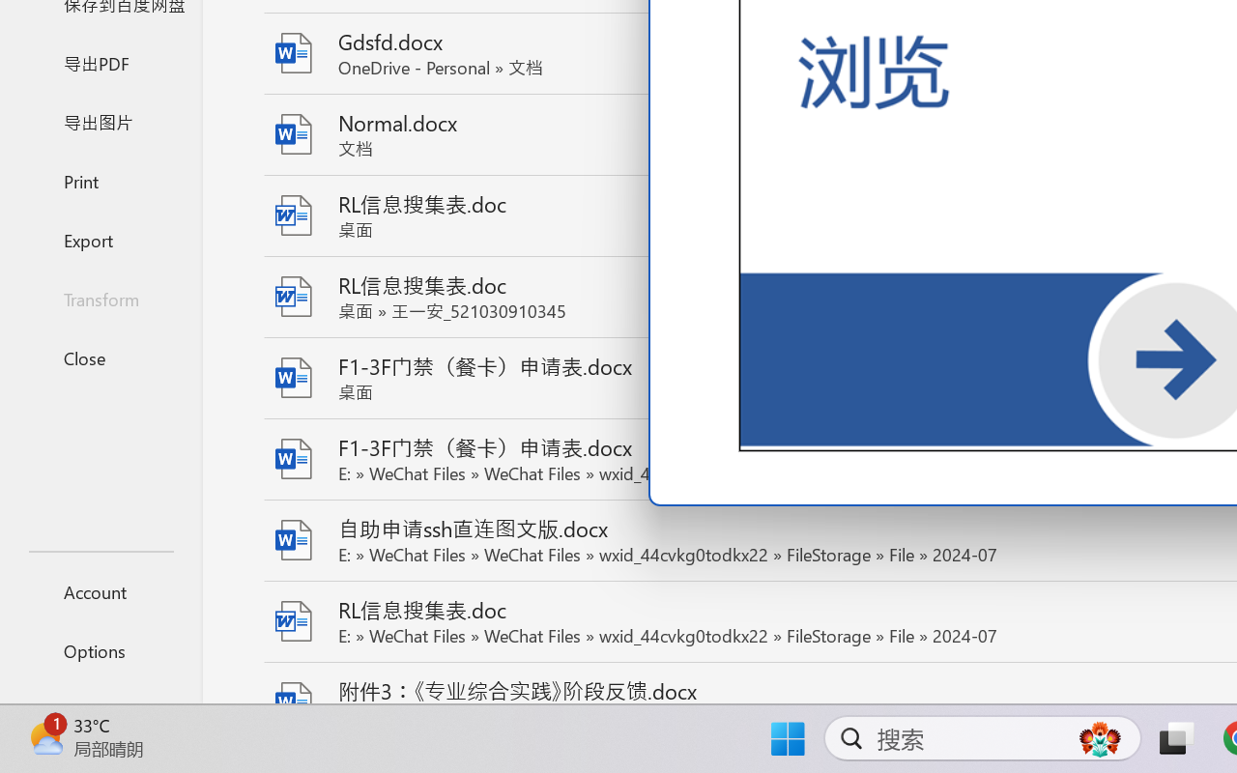 Image resolution: width=1237 pixels, height=773 pixels. Describe the element at coordinates (100, 298) in the screenshot. I see `'Transform'` at that location.